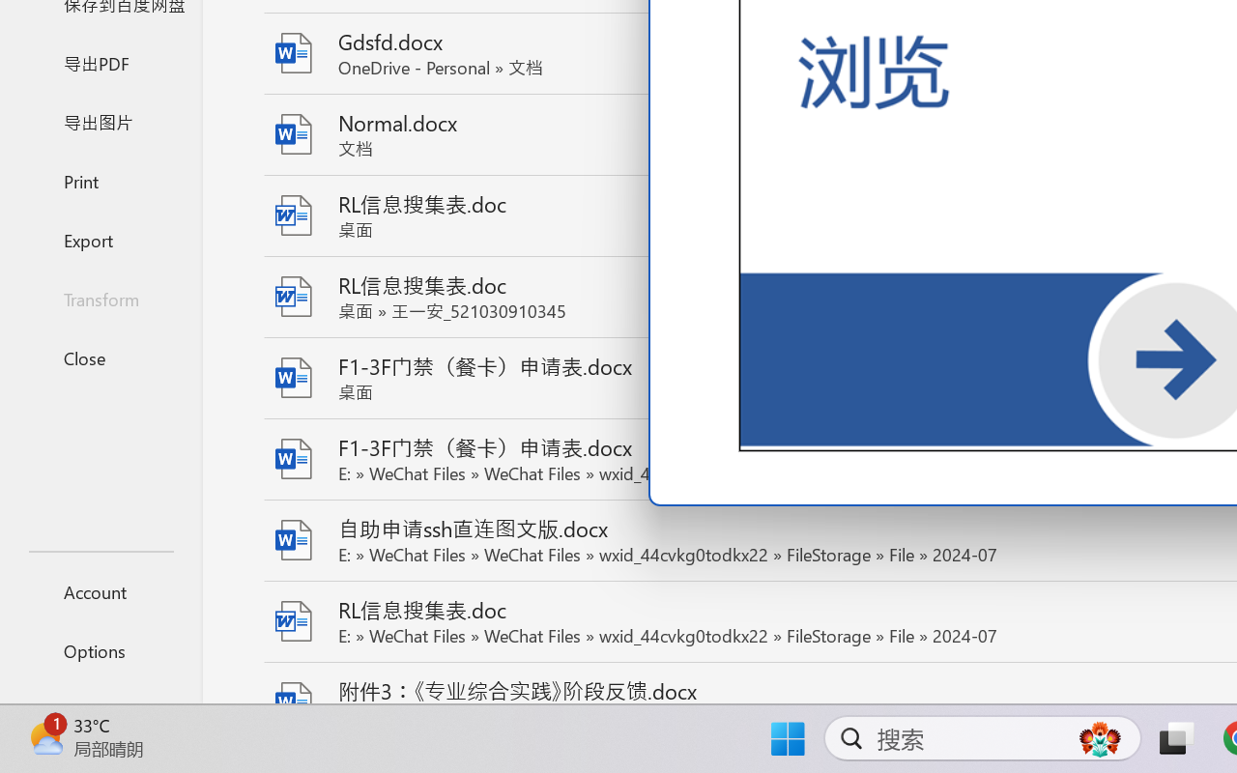 Image resolution: width=1237 pixels, height=773 pixels. Describe the element at coordinates (100, 298) in the screenshot. I see `'Transform'` at that location.